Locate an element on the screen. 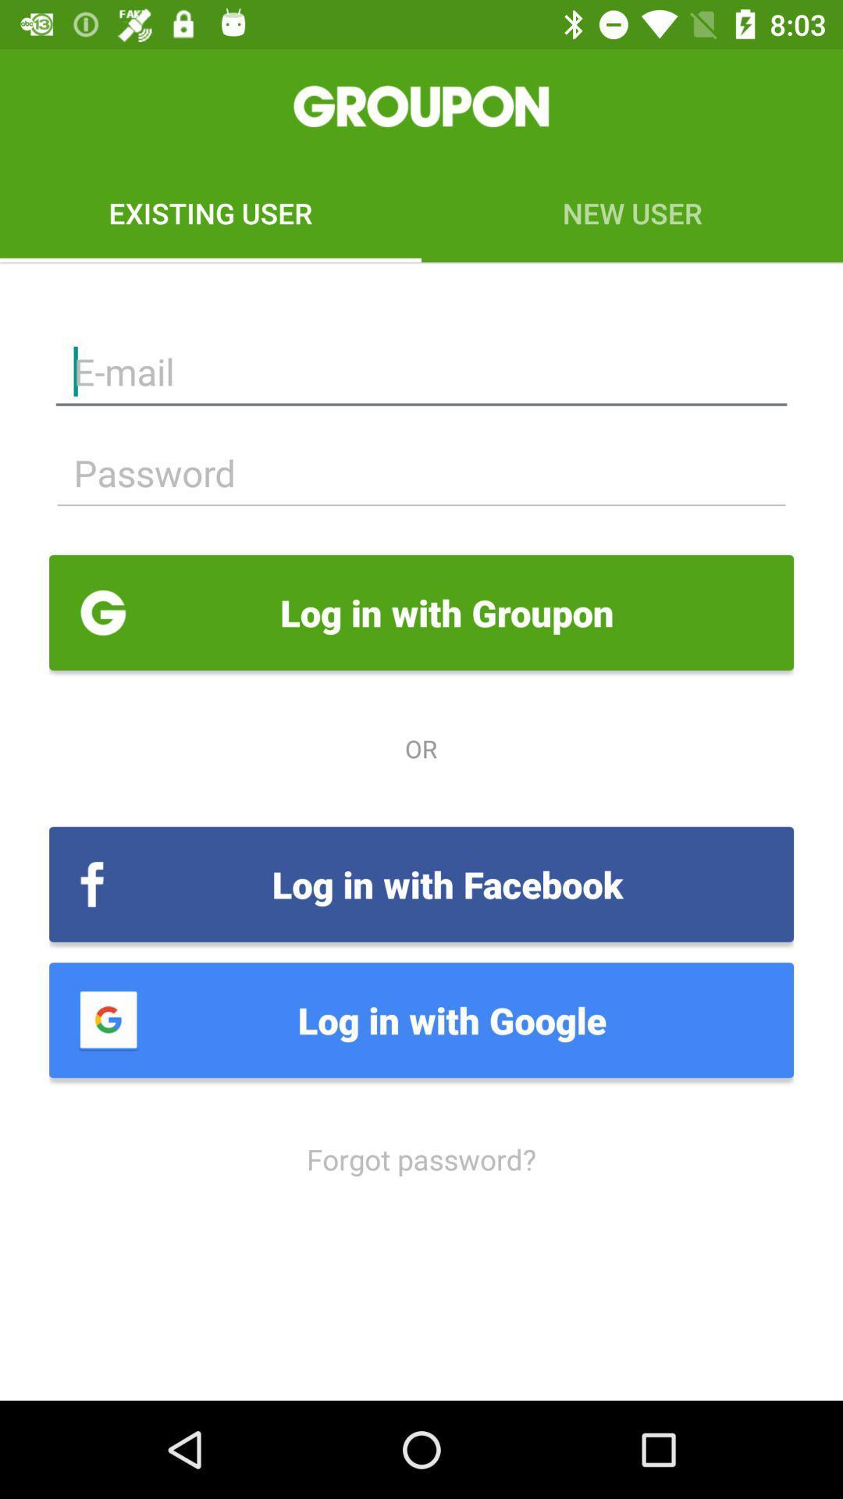 This screenshot has width=843, height=1499. forgot password? icon is located at coordinates (421, 1159).